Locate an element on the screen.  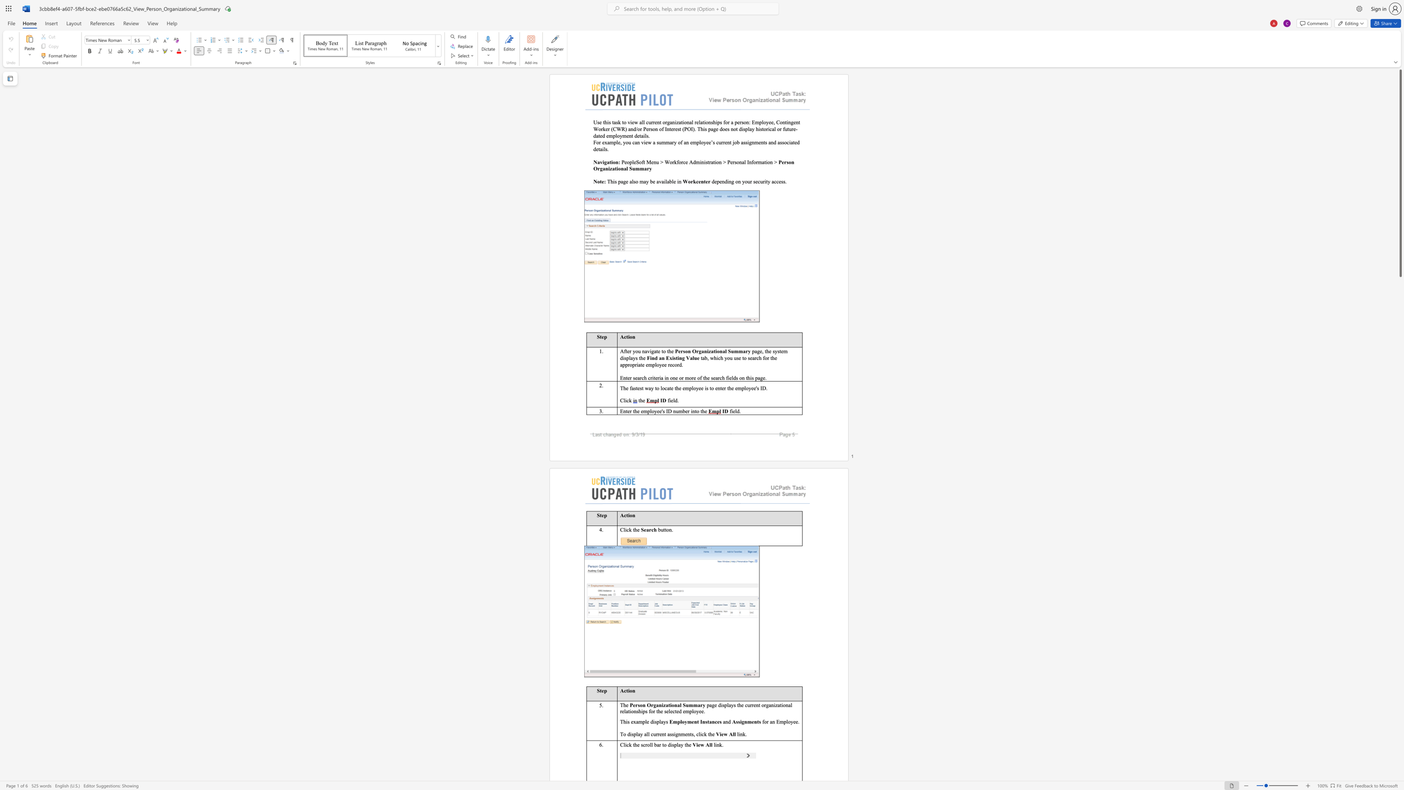
the subset text "es" within the text "The fastest way to" is located at coordinates (637, 388).